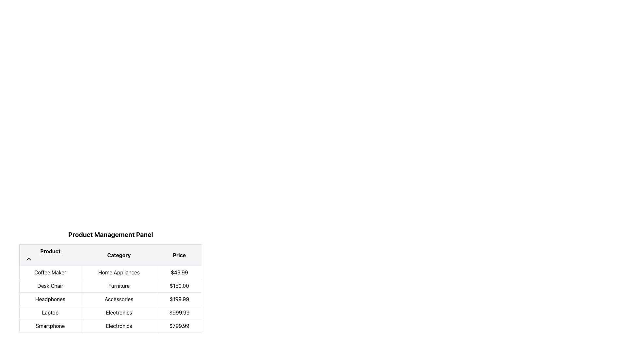 The width and height of the screenshot is (627, 352). Describe the element at coordinates (111, 326) in the screenshot. I see `on the bottom-most row of the Product Management Table representing the product 'Smartphone' with a price of '$799.99'` at that location.